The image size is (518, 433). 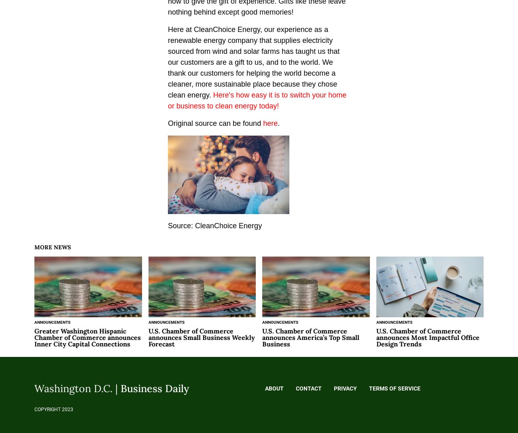 What do you see at coordinates (34, 246) in the screenshot?
I see `'MORE NEWS'` at bounding box center [34, 246].